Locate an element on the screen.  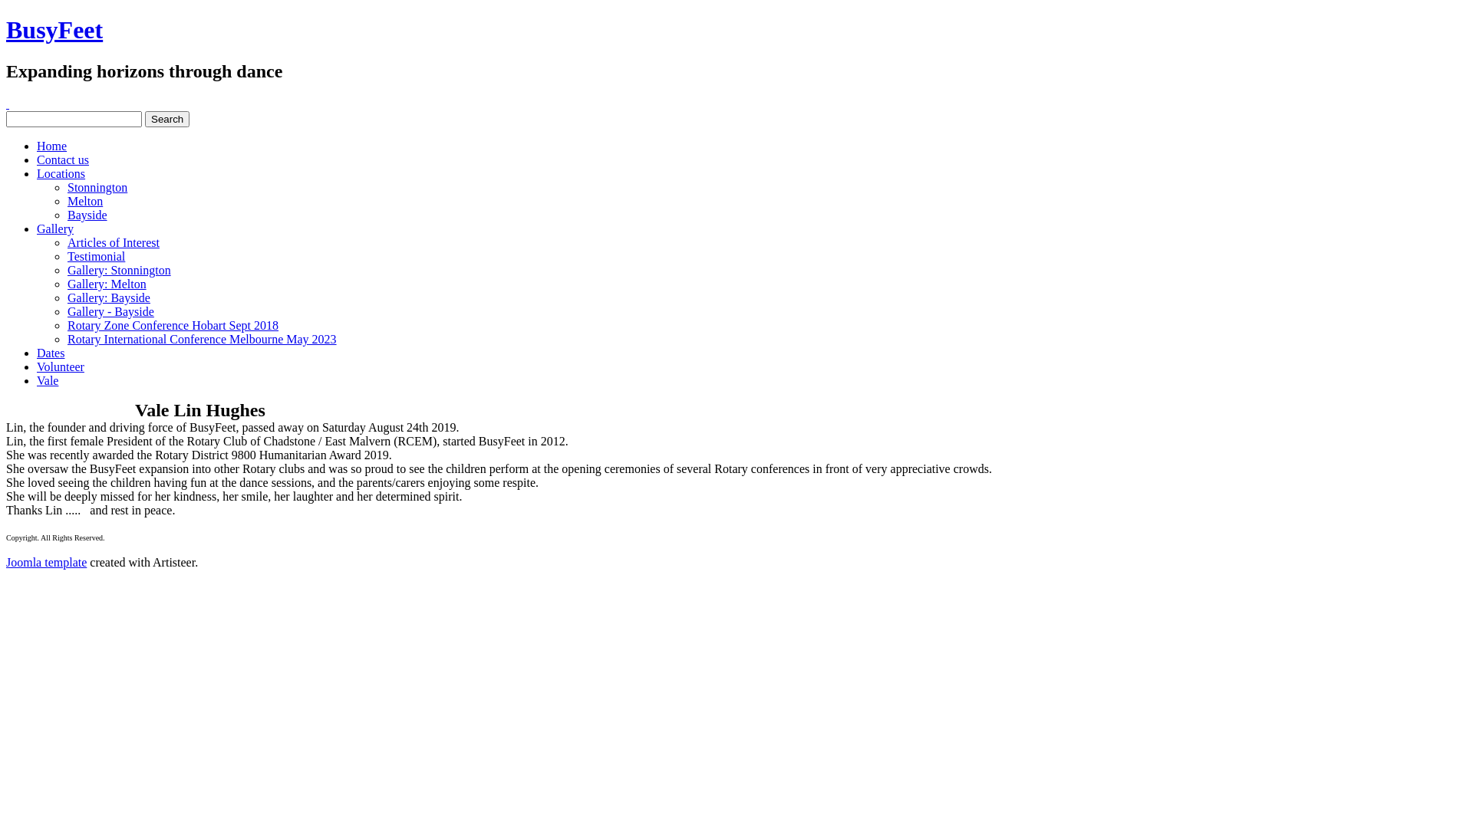
'Gallery - Bayside' is located at coordinates (110, 310).